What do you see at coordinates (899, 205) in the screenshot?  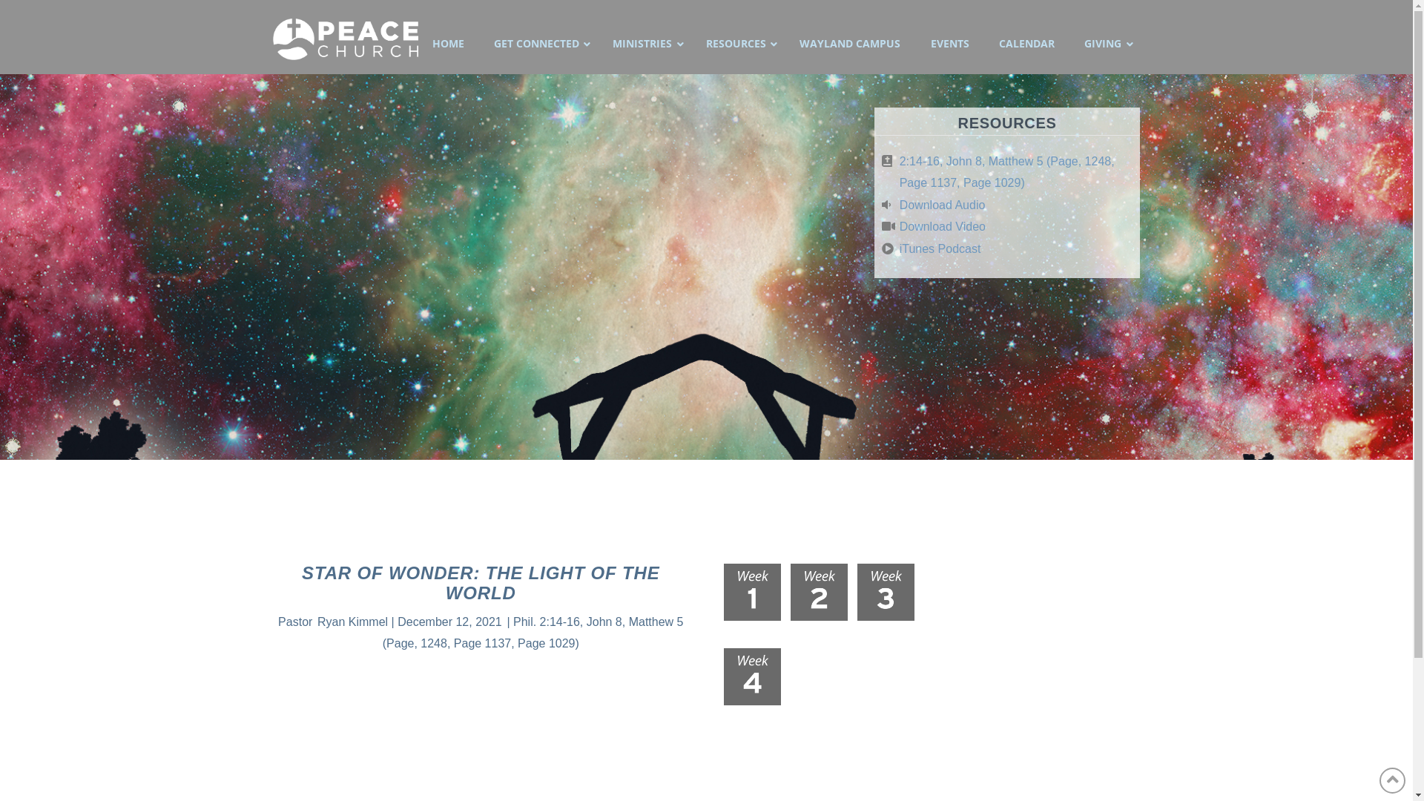 I see `'Download Audio'` at bounding box center [899, 205].